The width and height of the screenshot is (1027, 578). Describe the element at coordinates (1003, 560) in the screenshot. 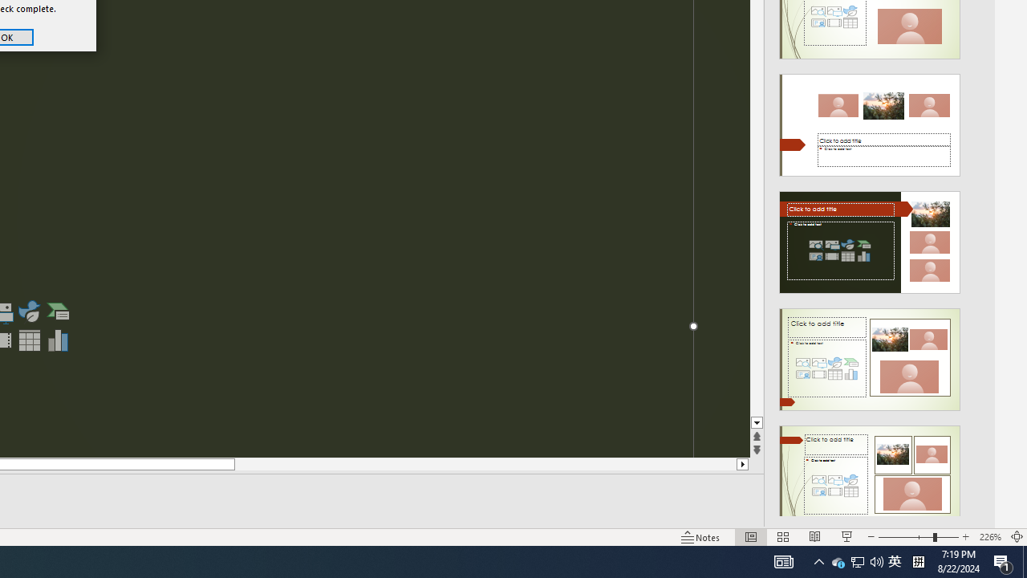

I see `'Action Center, 1 new notification'` at that location.